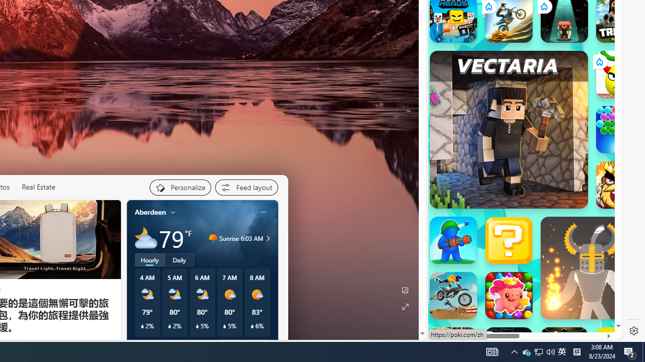 The height and width of the screenshot is (362, 645). Describe the element at coordinates (405, 306) in the screenshot. I see `'Expand background'` at that location.